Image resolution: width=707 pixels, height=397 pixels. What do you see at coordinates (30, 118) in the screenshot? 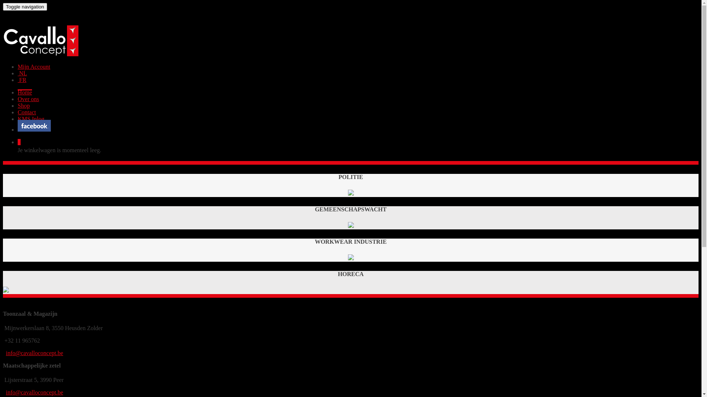
I see `'KMS Inlog'` at bounding box center [30, 118].